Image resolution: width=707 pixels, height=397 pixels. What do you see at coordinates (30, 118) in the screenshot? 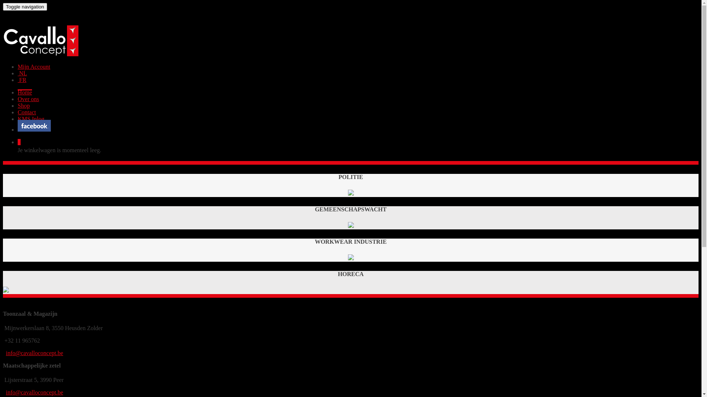
I see `'KMS Inlog'` at bounding box center [30, 118].